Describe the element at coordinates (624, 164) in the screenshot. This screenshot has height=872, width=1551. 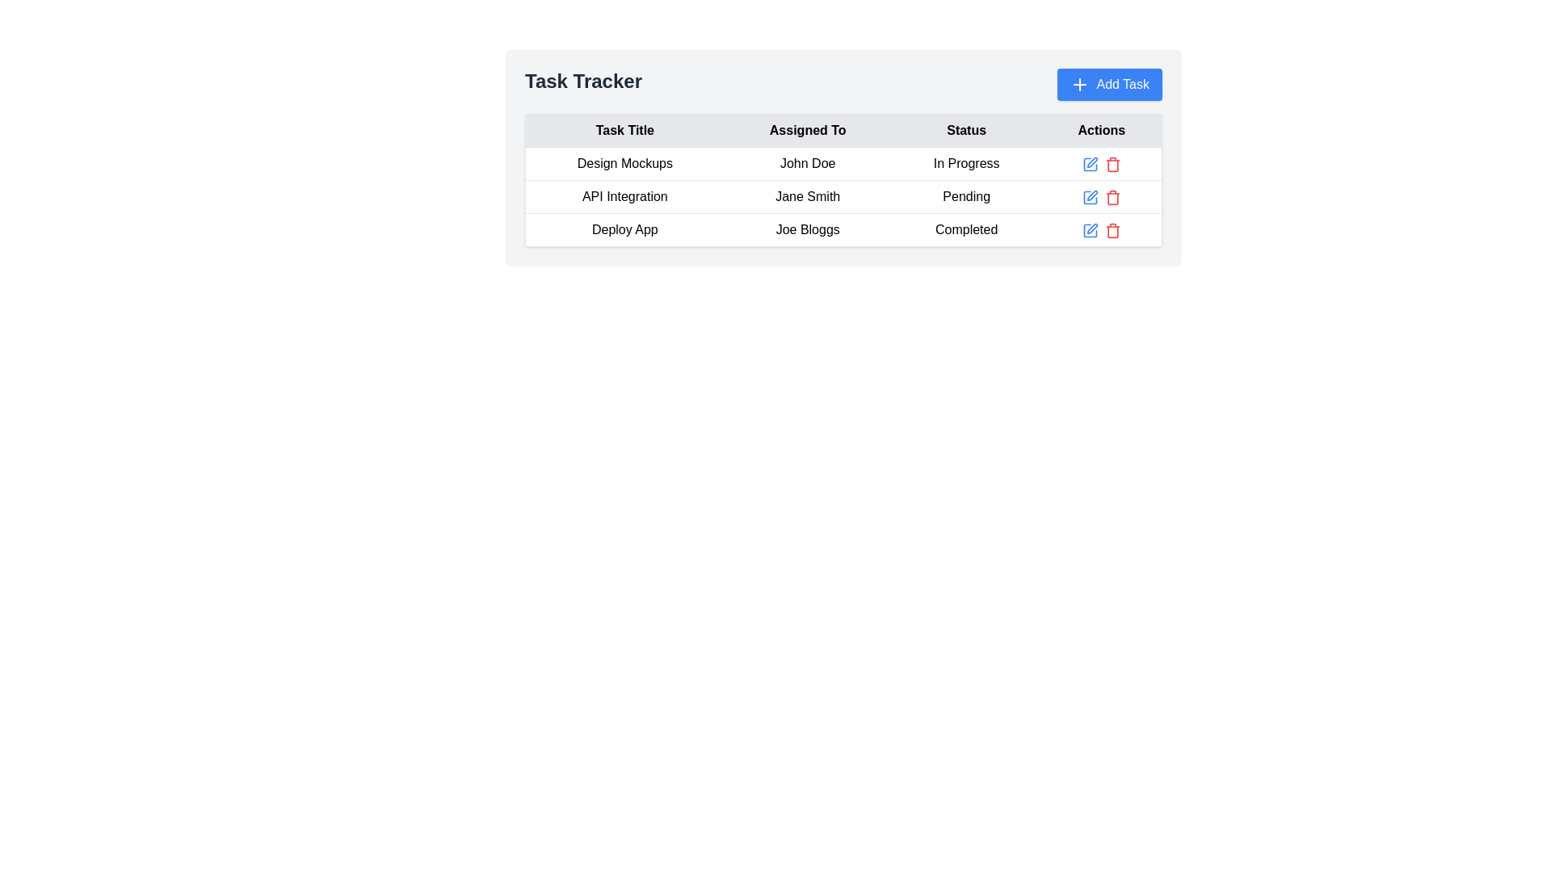
I see `the task title text label that identifies a specific task in the task tracker interface` at that location.